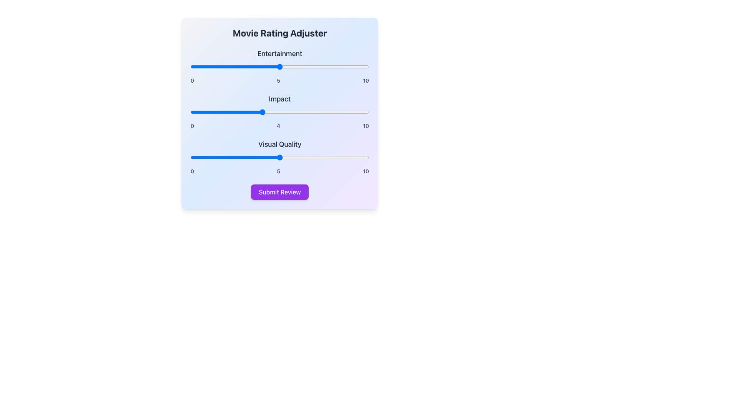 The width and height of the screenshot is (738, 415). What do you see at coordinates (190, 66) in the screenshot?
I see `Entertainment rating` at bounding box center [190, 66].